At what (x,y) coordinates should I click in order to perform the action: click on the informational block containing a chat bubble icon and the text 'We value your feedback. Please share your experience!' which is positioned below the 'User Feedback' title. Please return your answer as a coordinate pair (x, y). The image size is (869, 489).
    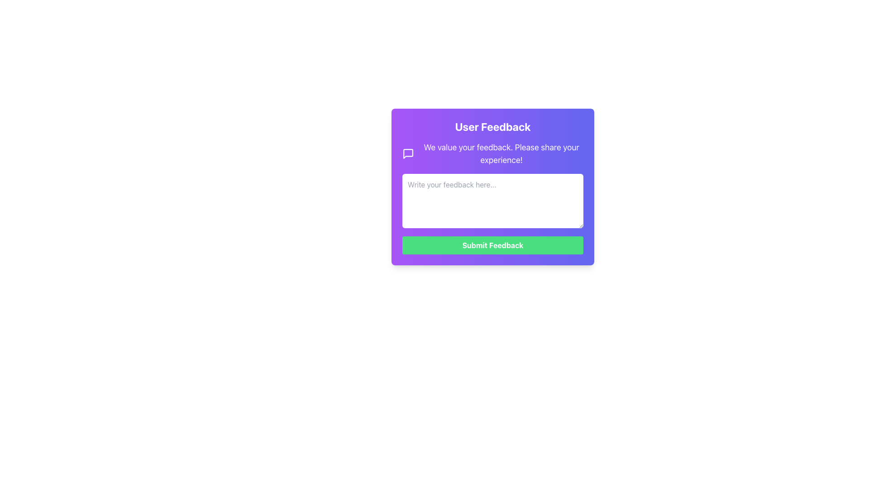
    Looking at the image, I should click on (492, 153).